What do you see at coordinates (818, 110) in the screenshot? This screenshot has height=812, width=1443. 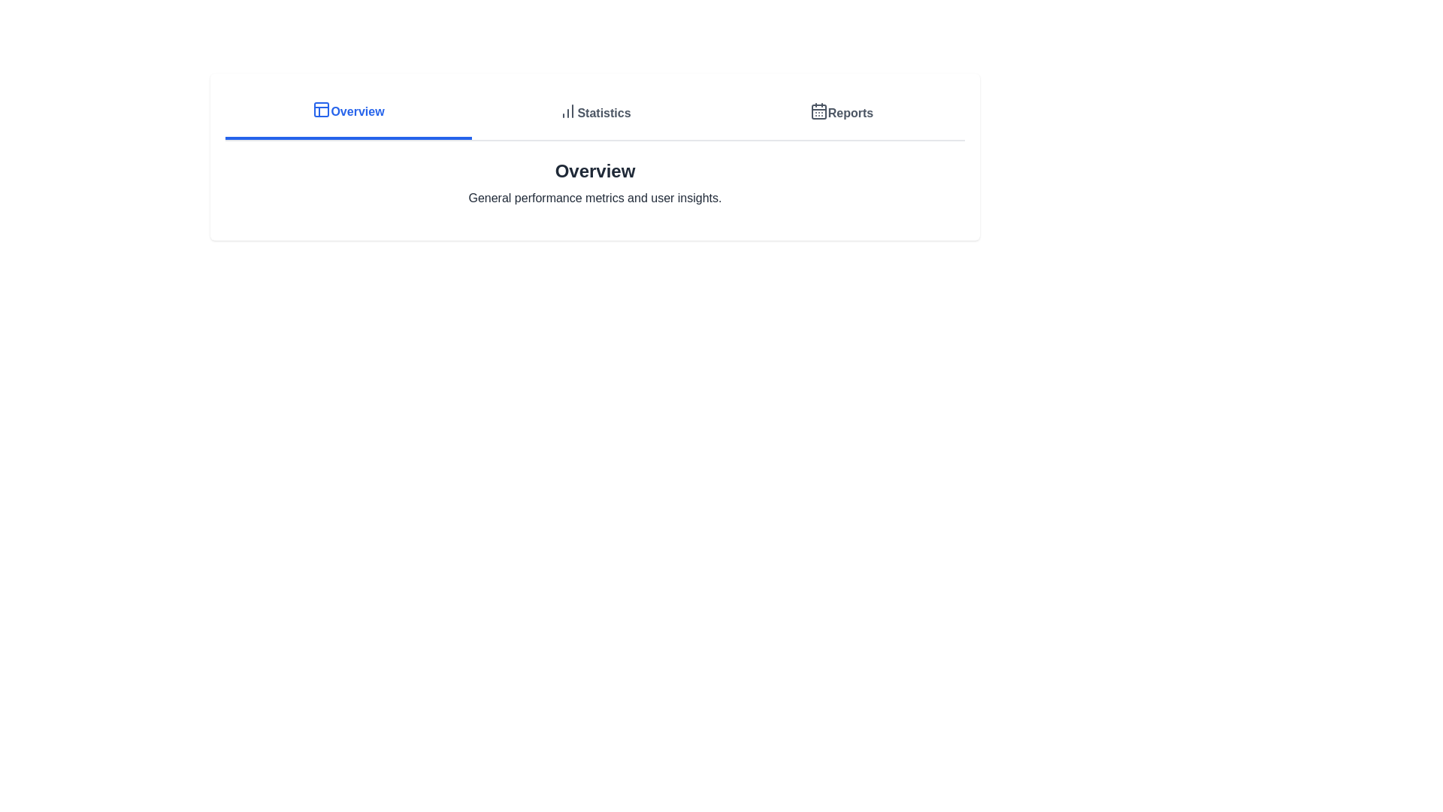 I see `the calendar icon, which is a minimalistic line-art design located next to the text label 'Reports' in the navigation bar` at bounding box center [818, 110].